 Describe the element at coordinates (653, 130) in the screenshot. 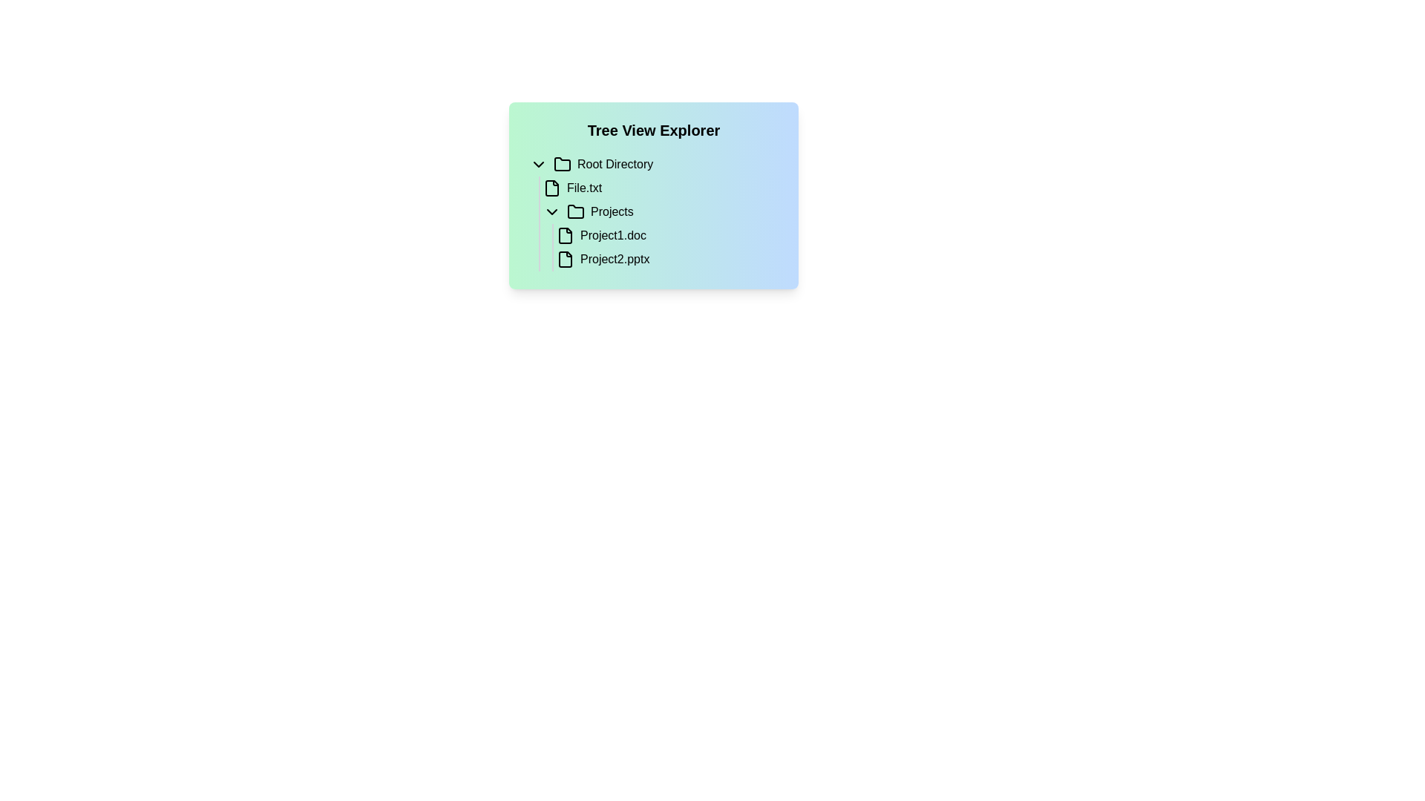

I see `the 'Tree View Explorer' text heading, which is a prominently styled bold, large, black text at the top of the panel` at that location.